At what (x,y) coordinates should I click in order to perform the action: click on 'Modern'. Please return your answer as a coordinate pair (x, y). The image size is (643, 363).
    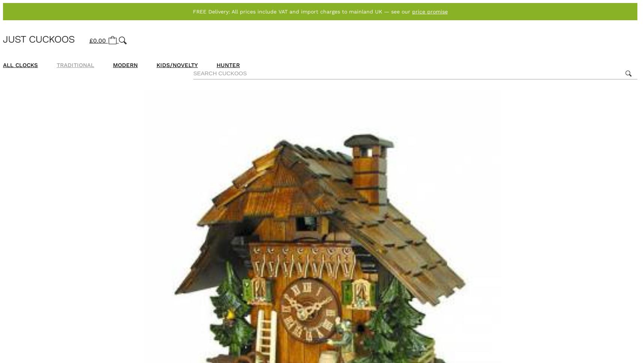
    Looking at the image, I should click on (125, 65).